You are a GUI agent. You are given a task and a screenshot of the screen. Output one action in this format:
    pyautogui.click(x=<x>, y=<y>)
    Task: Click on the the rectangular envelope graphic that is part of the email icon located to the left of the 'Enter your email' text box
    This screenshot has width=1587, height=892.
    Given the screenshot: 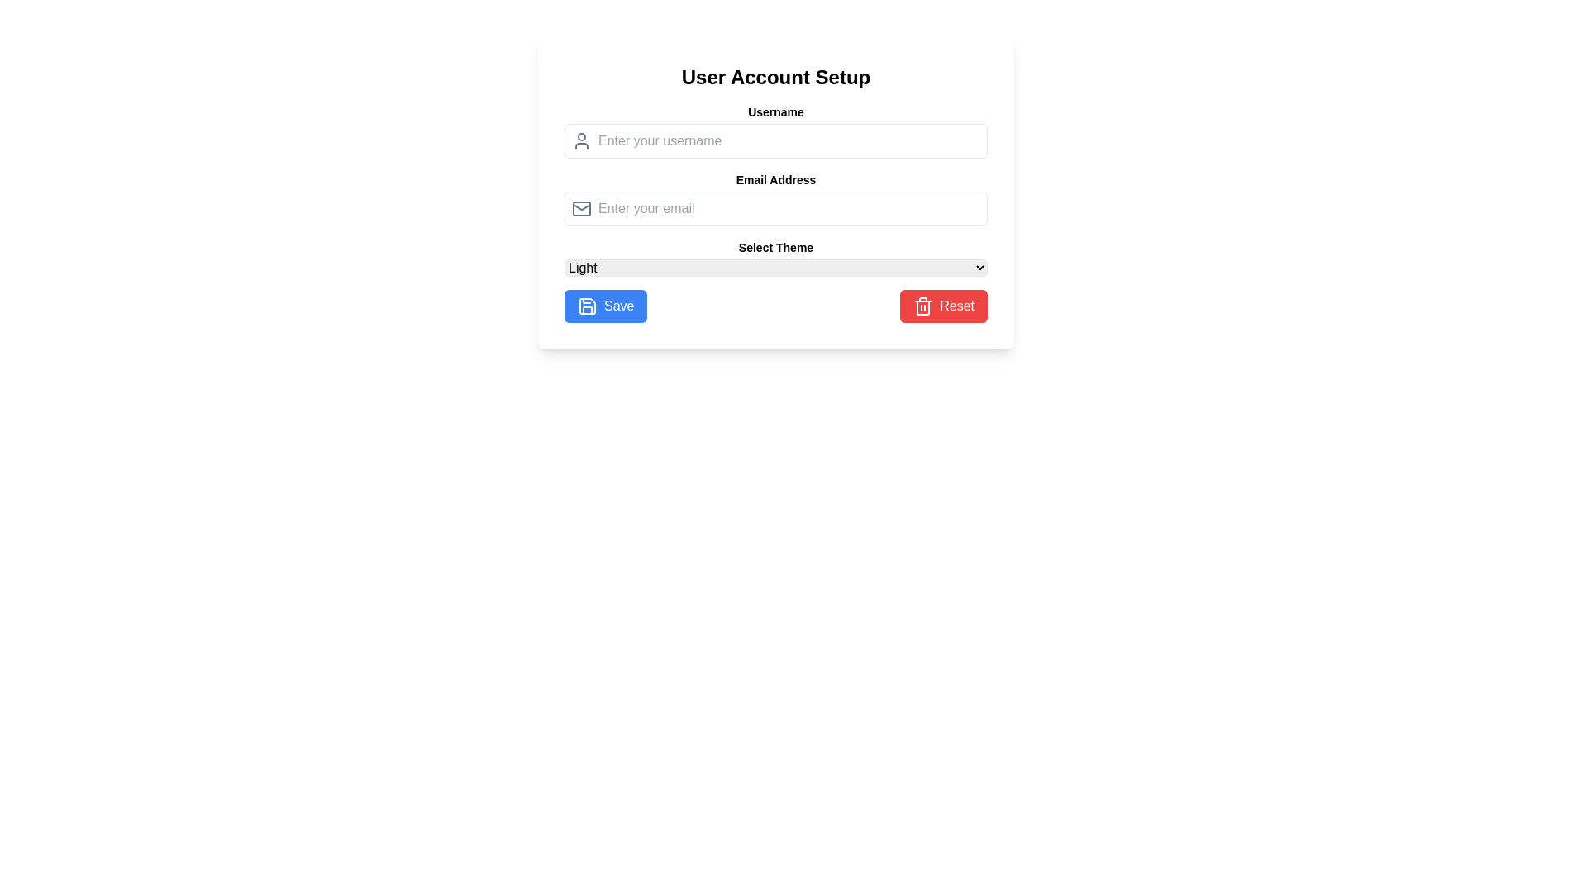 What is the action you would take?
    pyautogui.click(x=582, y=208)
    